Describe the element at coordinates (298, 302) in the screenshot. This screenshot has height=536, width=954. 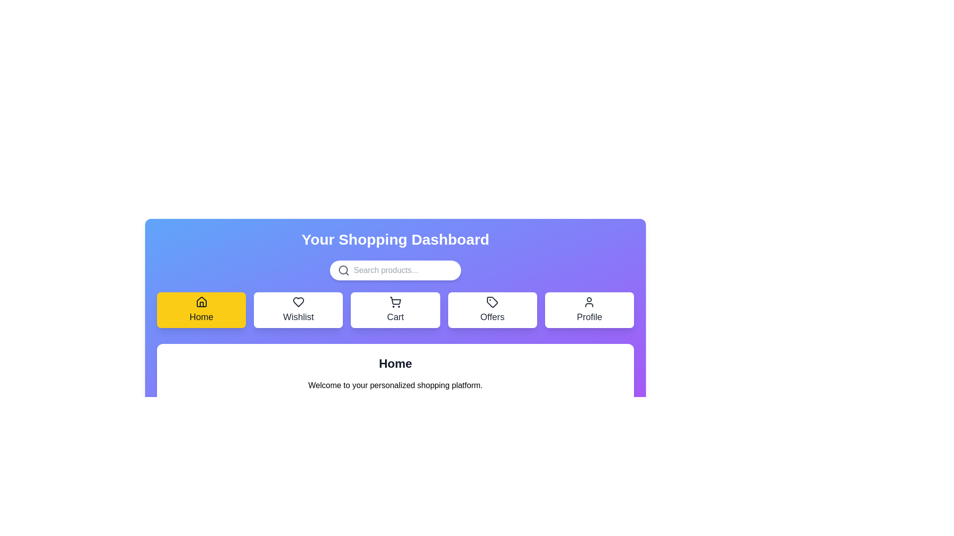
I see `the heart icon within the 'Wishlist' button, which is styled with rounded corners and a white background, located in the top-middle area of the interface` at that location.